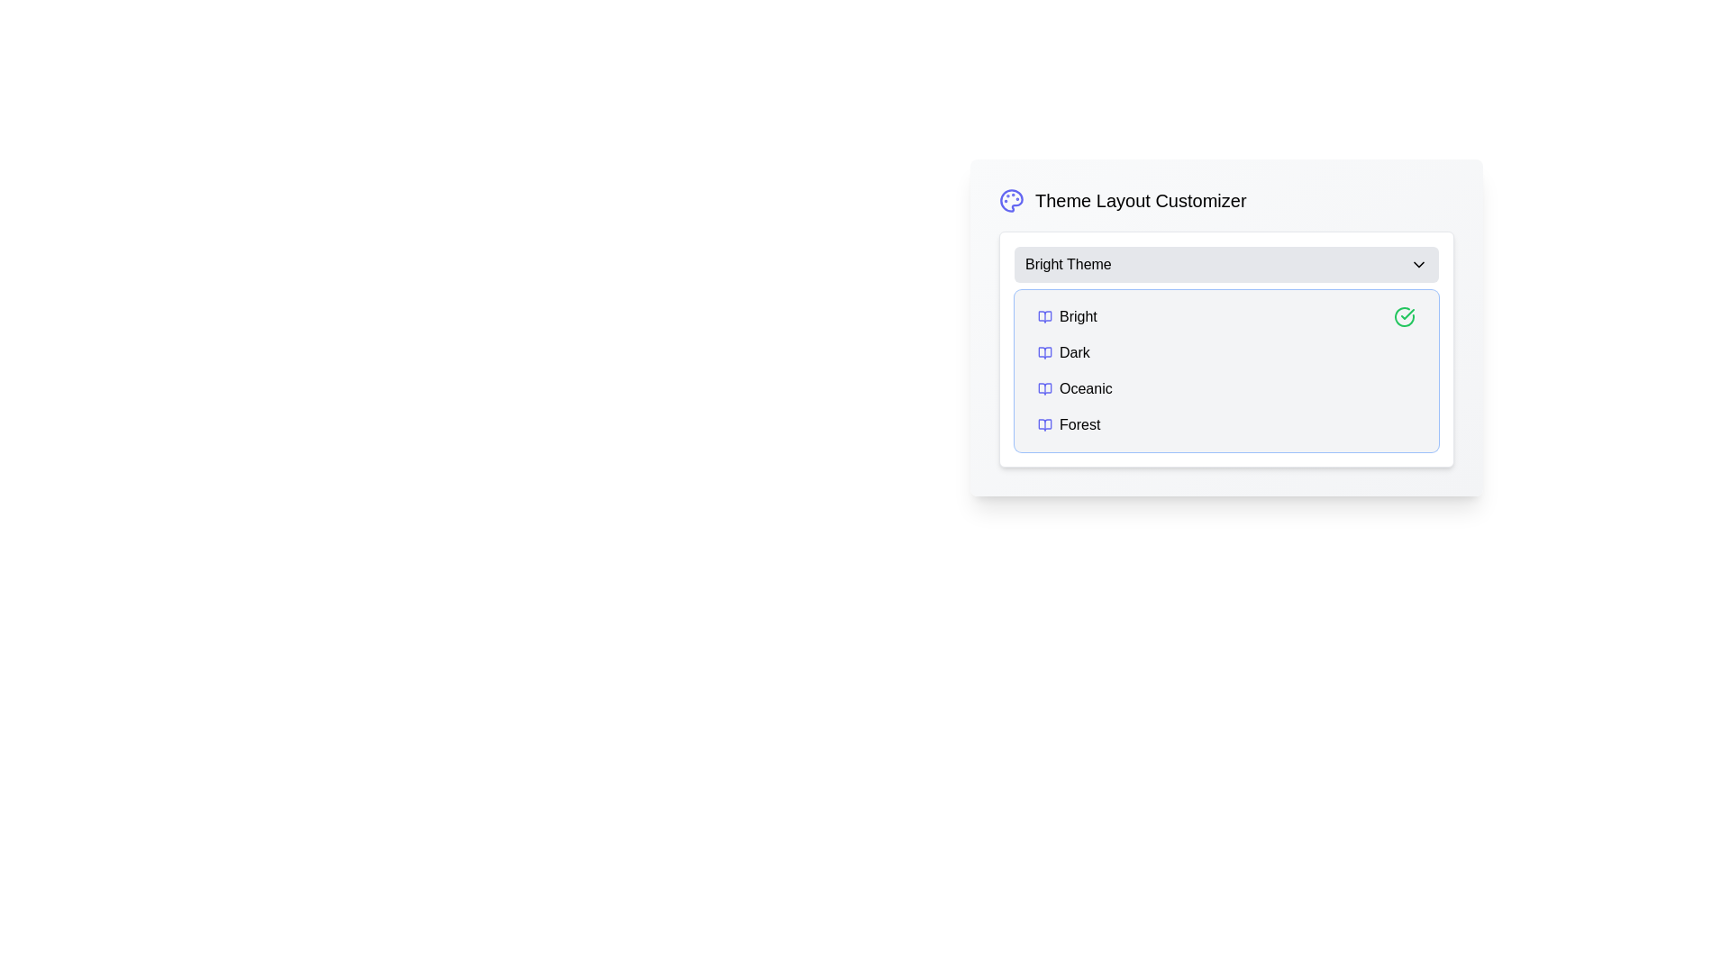 This screenshot has width=1730, height=973. Describe the element at coordinates (1404, 315) in the screenshot. I see `the circular green stroke icon located in the theme layout selector adjacent to the 'Bright Theme' text` at that location.